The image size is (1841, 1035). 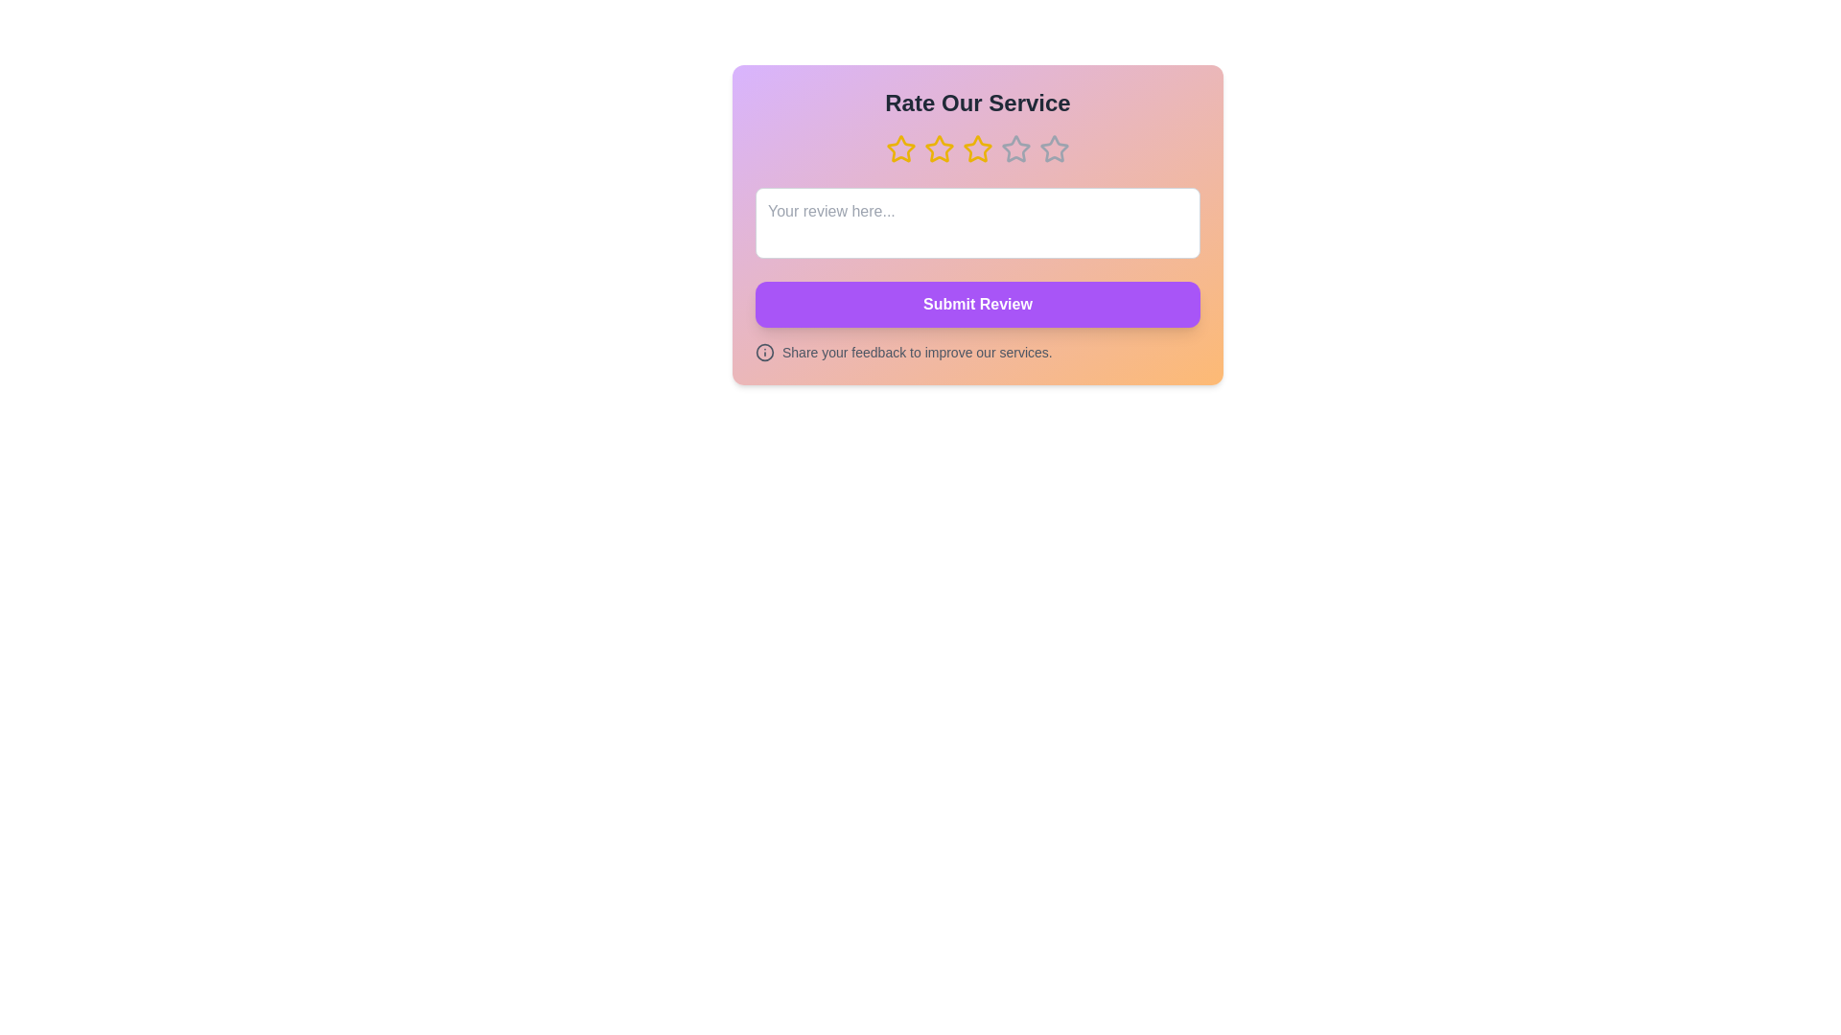 I want to click on the fourth star icon in the rating system, which is a star-shaped outline icon with a transparent center and gray border, so click(x=1015, y=148).